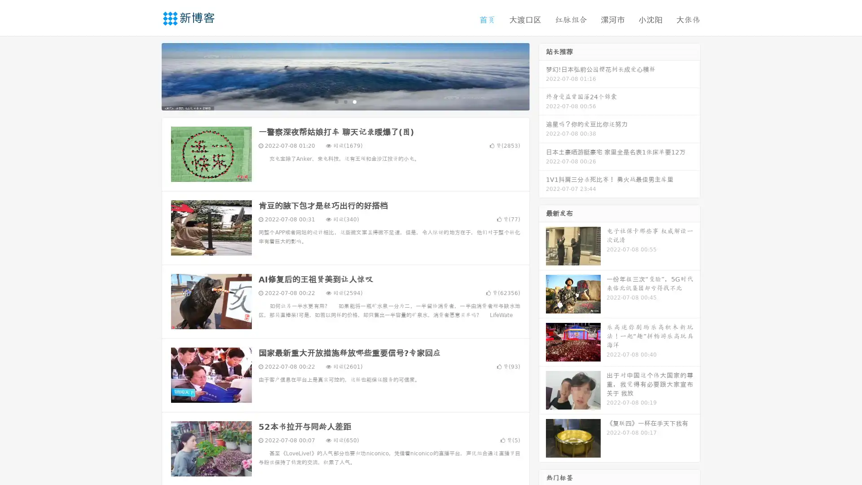 The width and height of the screenshot is (862, 485). Describe the element at coordinates (345, 101) in the screenshot. I see `Go to slide 2` at that location.